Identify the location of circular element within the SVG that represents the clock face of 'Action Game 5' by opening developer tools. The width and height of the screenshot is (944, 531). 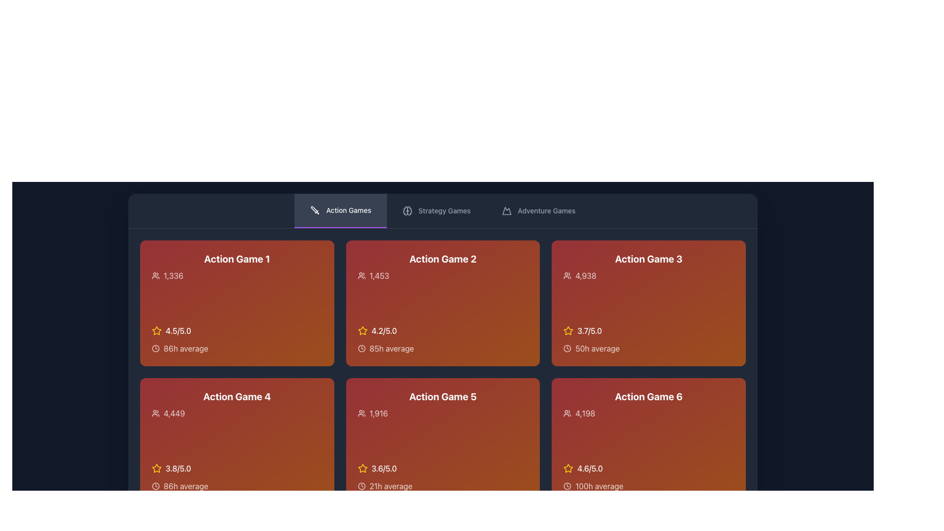
(361, 485).